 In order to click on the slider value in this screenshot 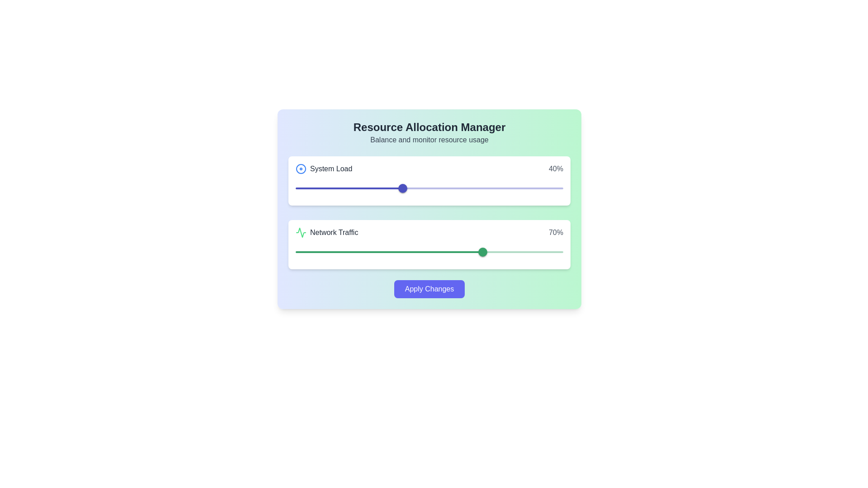, I will do `click(437, 252)`.